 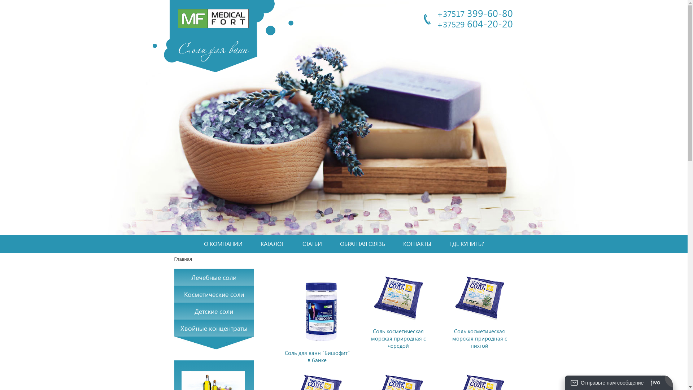 I want to click on '+37529 604-20-20', so click(x=436, y=23).